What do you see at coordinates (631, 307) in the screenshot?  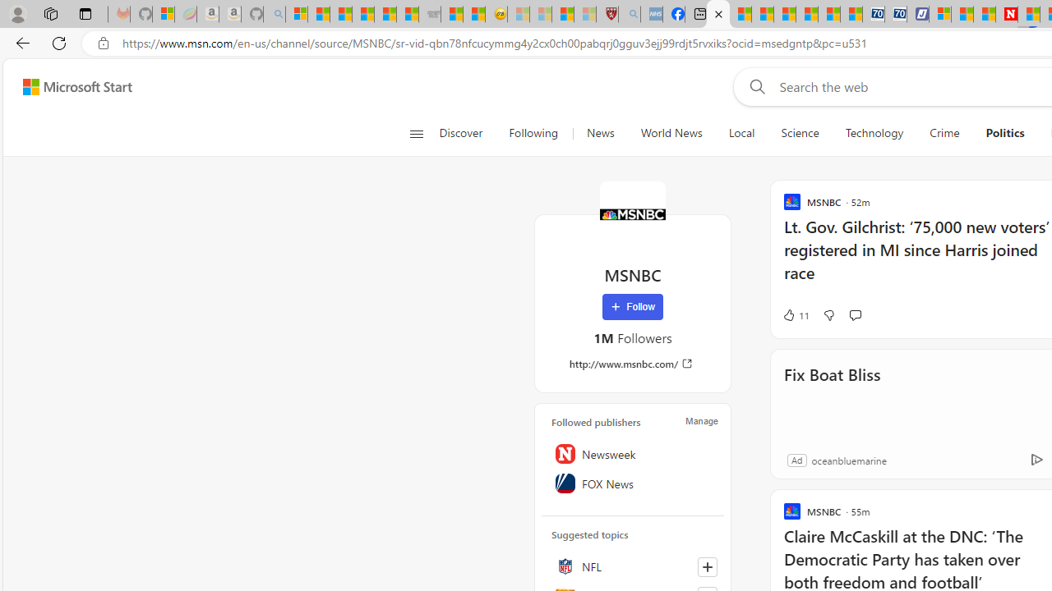 I see `'Follow'` at bounding box center [631, 307].